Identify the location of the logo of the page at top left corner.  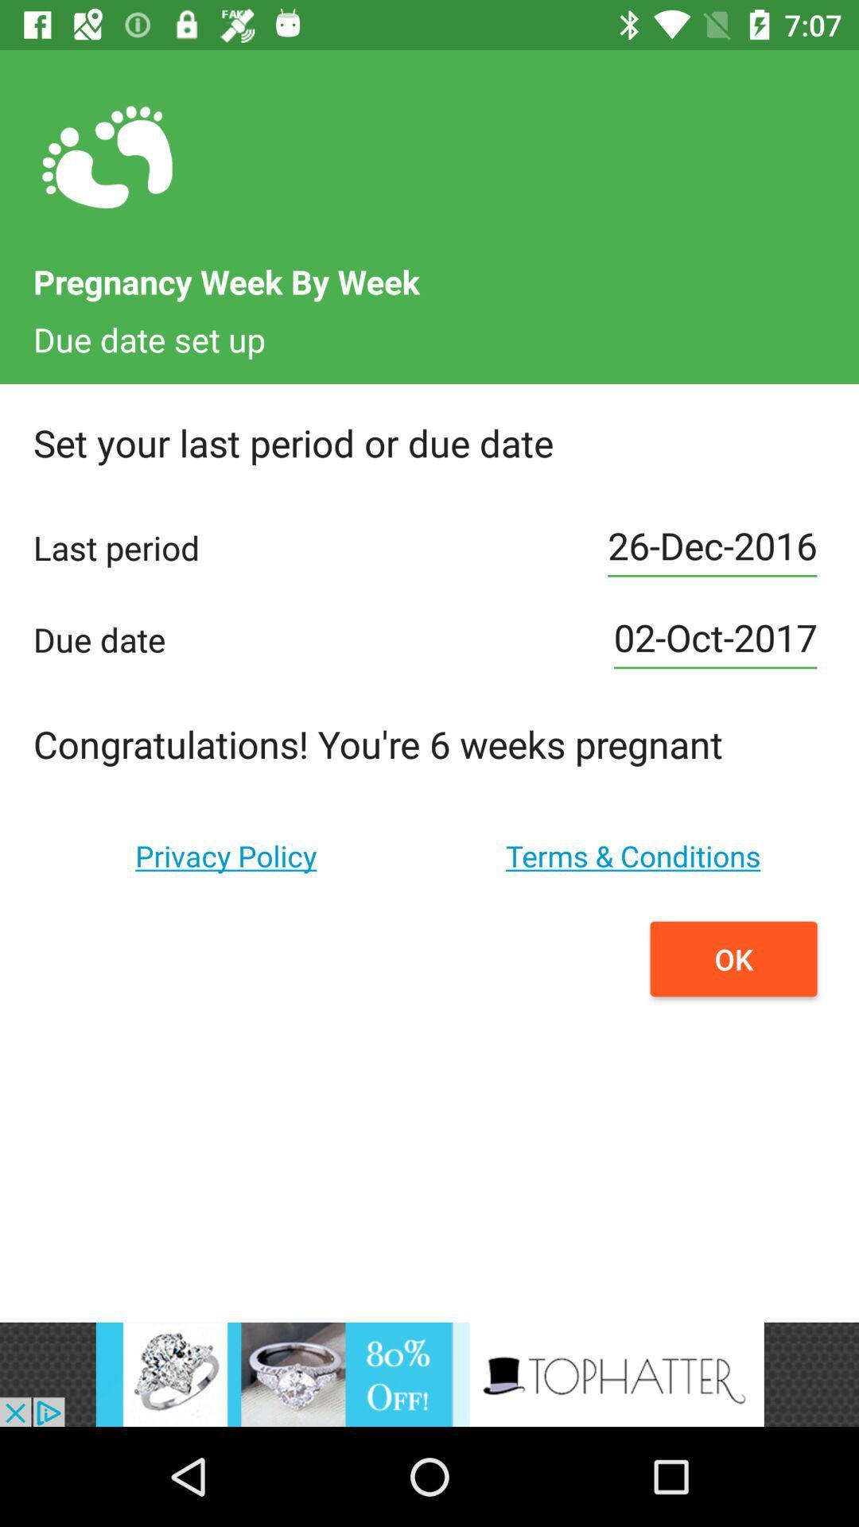
(107, 158).